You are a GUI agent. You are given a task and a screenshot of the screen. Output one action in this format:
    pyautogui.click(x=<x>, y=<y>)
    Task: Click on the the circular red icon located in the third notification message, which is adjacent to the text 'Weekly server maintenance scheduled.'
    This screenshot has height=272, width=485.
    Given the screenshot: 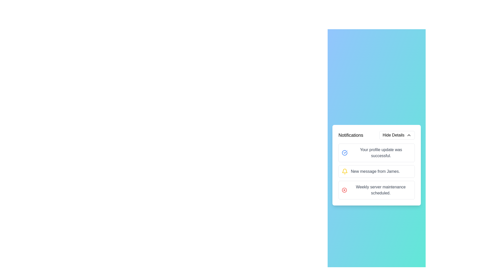 What is the action you would take?
    pyautogui.click(x=344, y=190)
    